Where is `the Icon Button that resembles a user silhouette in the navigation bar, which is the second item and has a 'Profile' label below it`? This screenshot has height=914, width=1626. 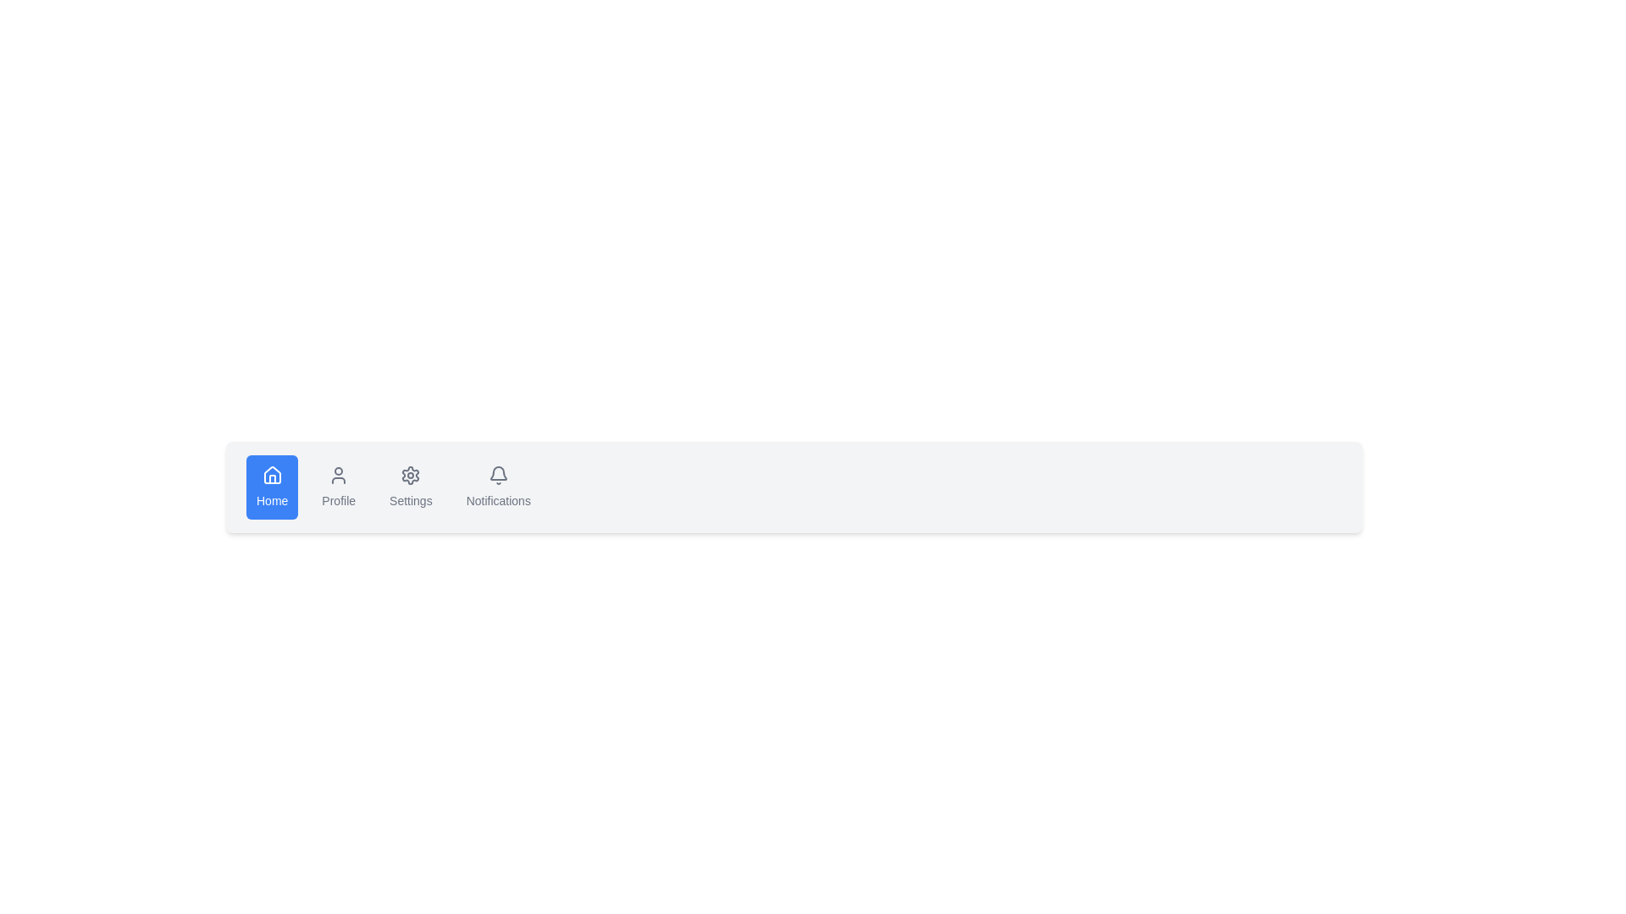
the Icon Button that resembles a user silhouette in the navigation bar, which is the second item and has a 'Profile' label below it is located at coordinates (339, 476).